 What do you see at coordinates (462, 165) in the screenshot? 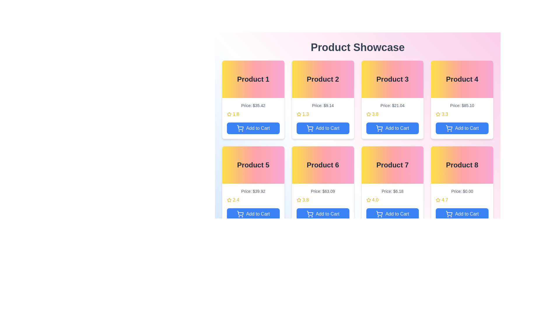
I see `the text label that reads 'Product 8', which is styled with a large, bold, dark gray font and is prominently displayed in the bottom-right corner of the product grid` at bounding box center [462, 165].